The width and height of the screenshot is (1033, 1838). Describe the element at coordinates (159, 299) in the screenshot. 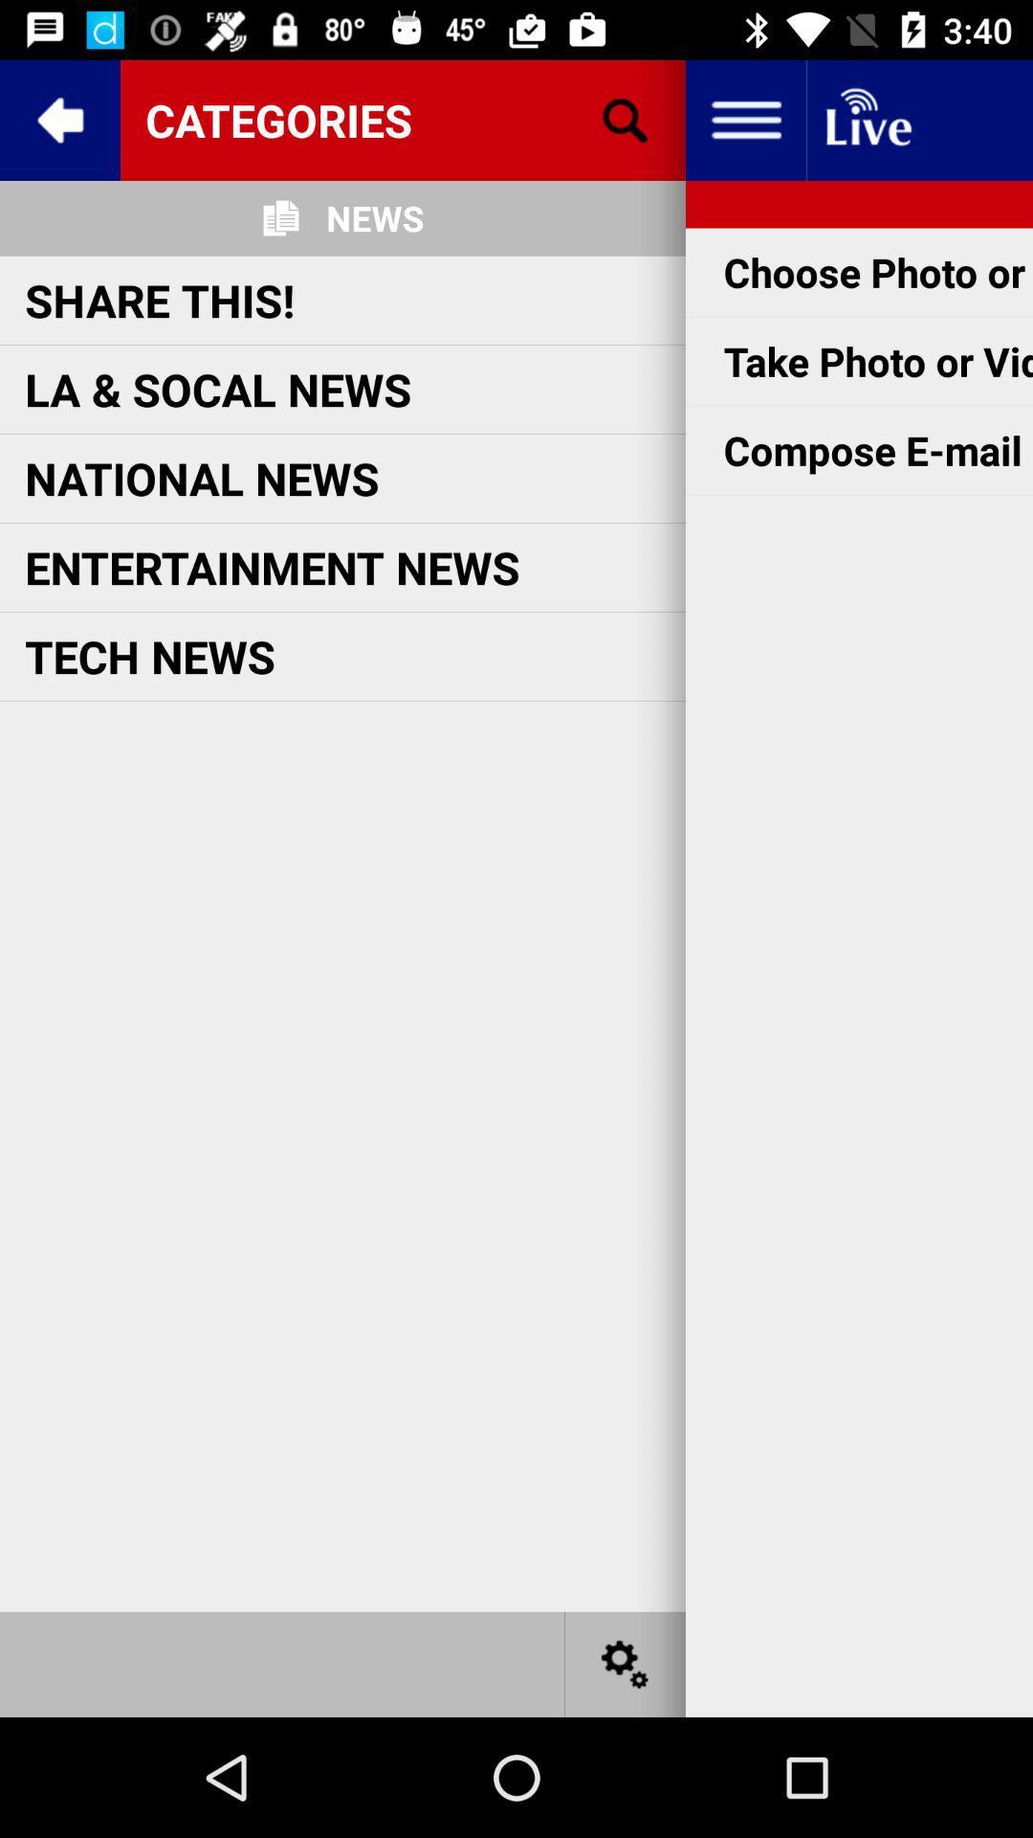

I see `icon below the news` at that location.